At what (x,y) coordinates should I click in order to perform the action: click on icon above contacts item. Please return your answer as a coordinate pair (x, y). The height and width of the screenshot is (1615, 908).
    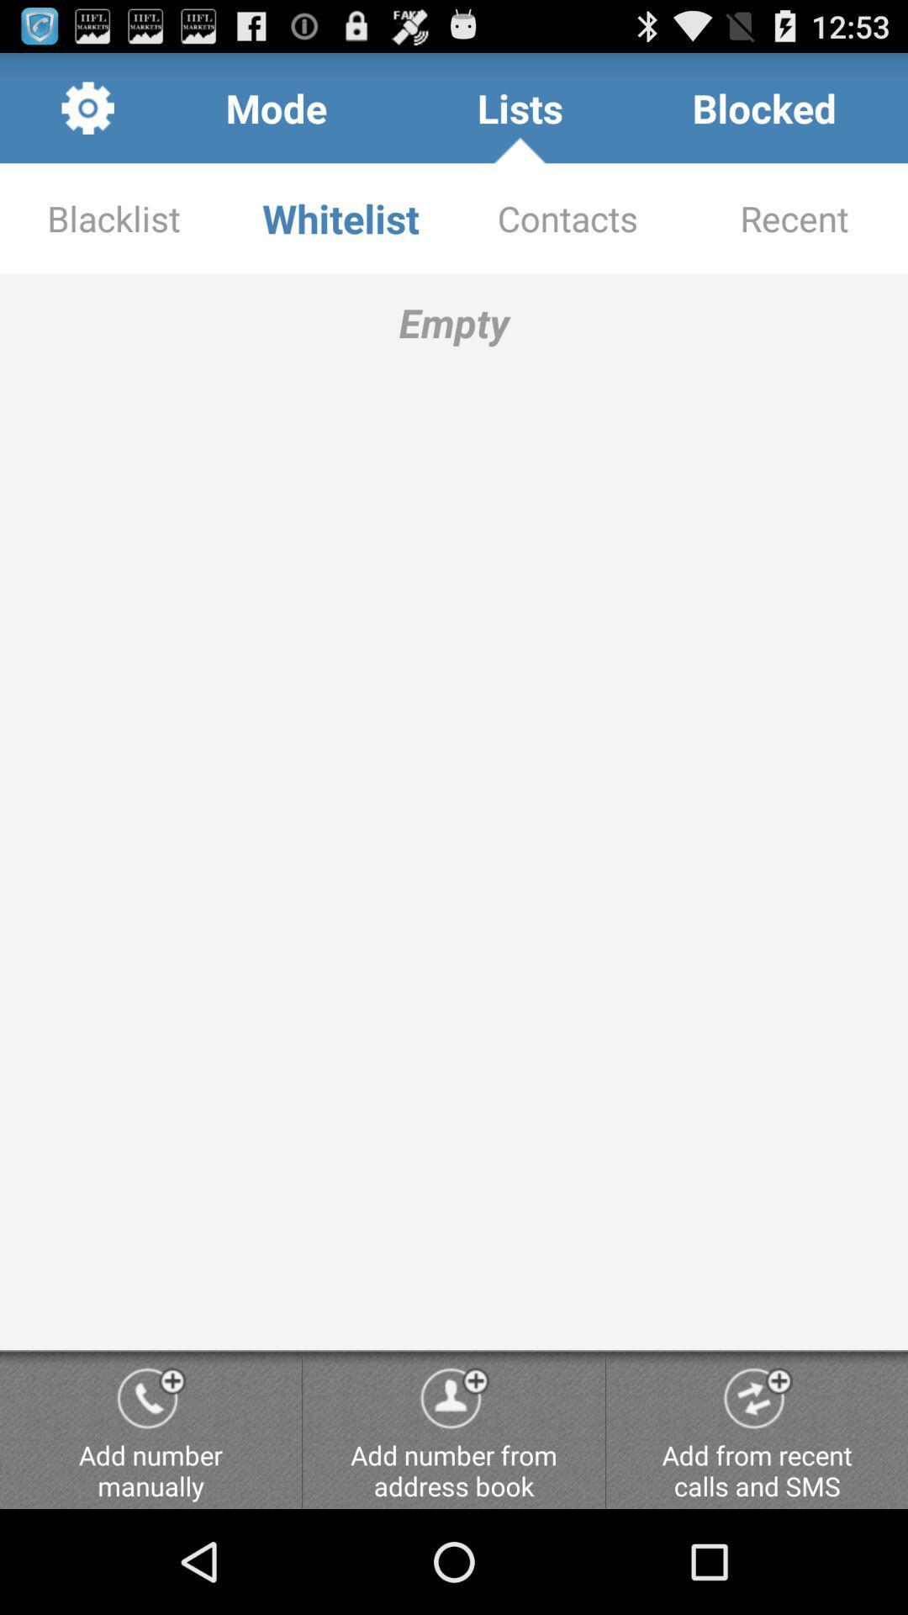
    Looking at the image, I should click on (764, 107).